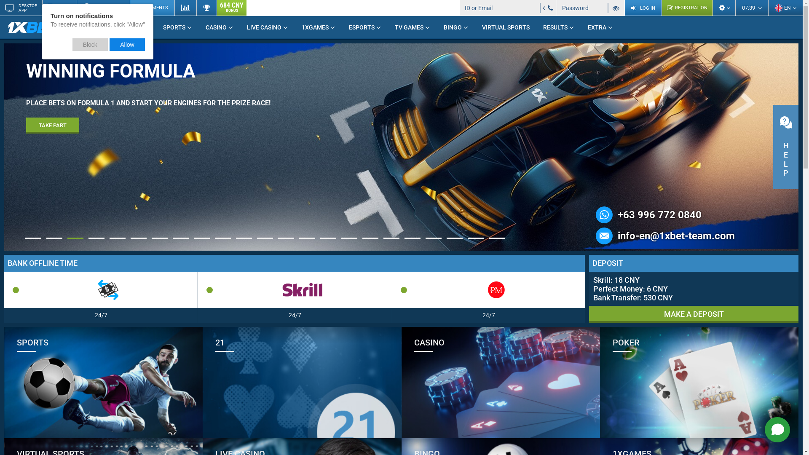  Describe the element at coordinates (616, 8) in the screenshot. I see `'Show password'` at that location.